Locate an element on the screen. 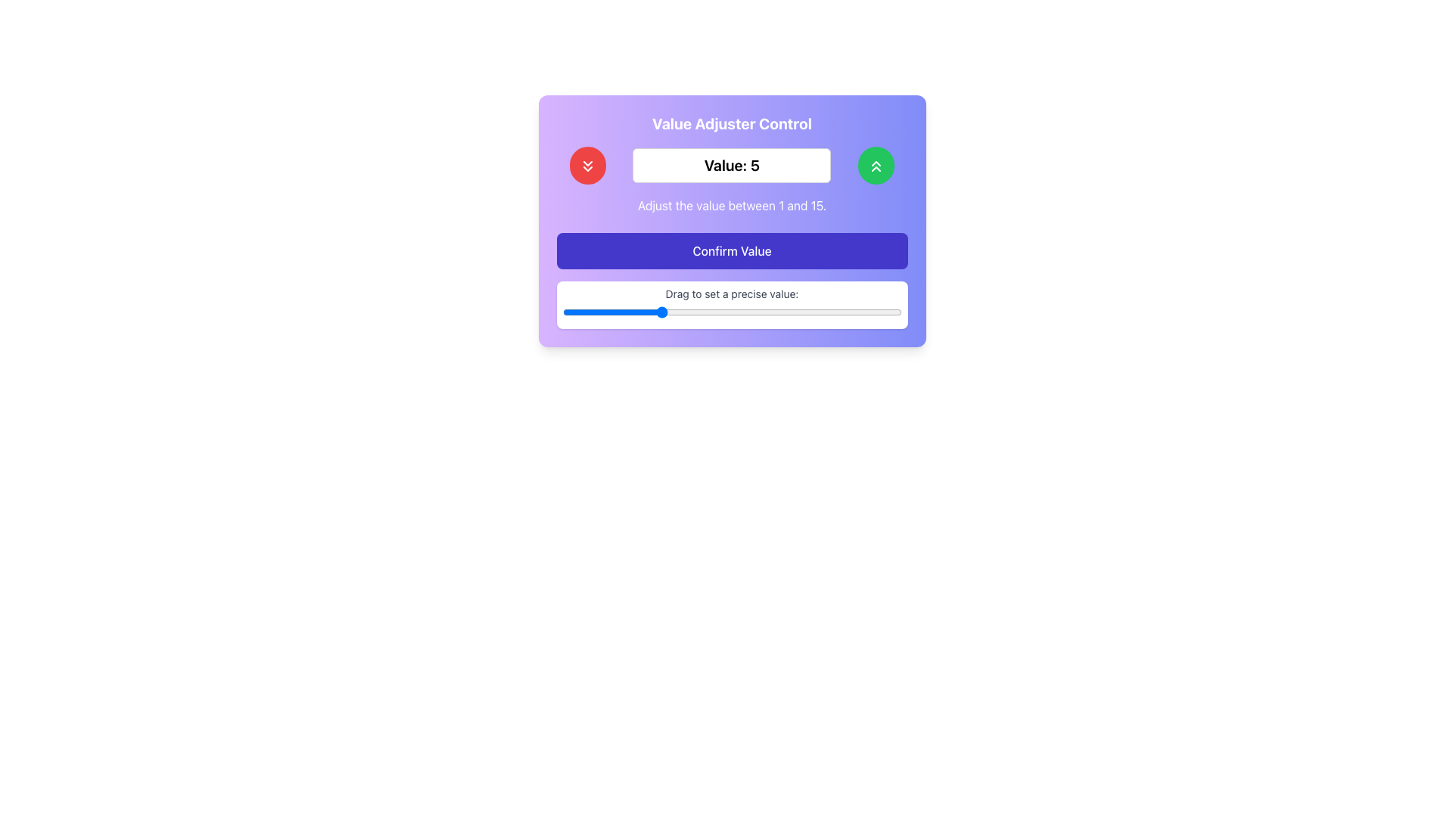  the button to increase the numerical value displayed in the text box, which is located to the right of the central text box showing 'Value: 5' and opposite a red circular button with a downward double chevron icon is located at coordinates (876, 165).